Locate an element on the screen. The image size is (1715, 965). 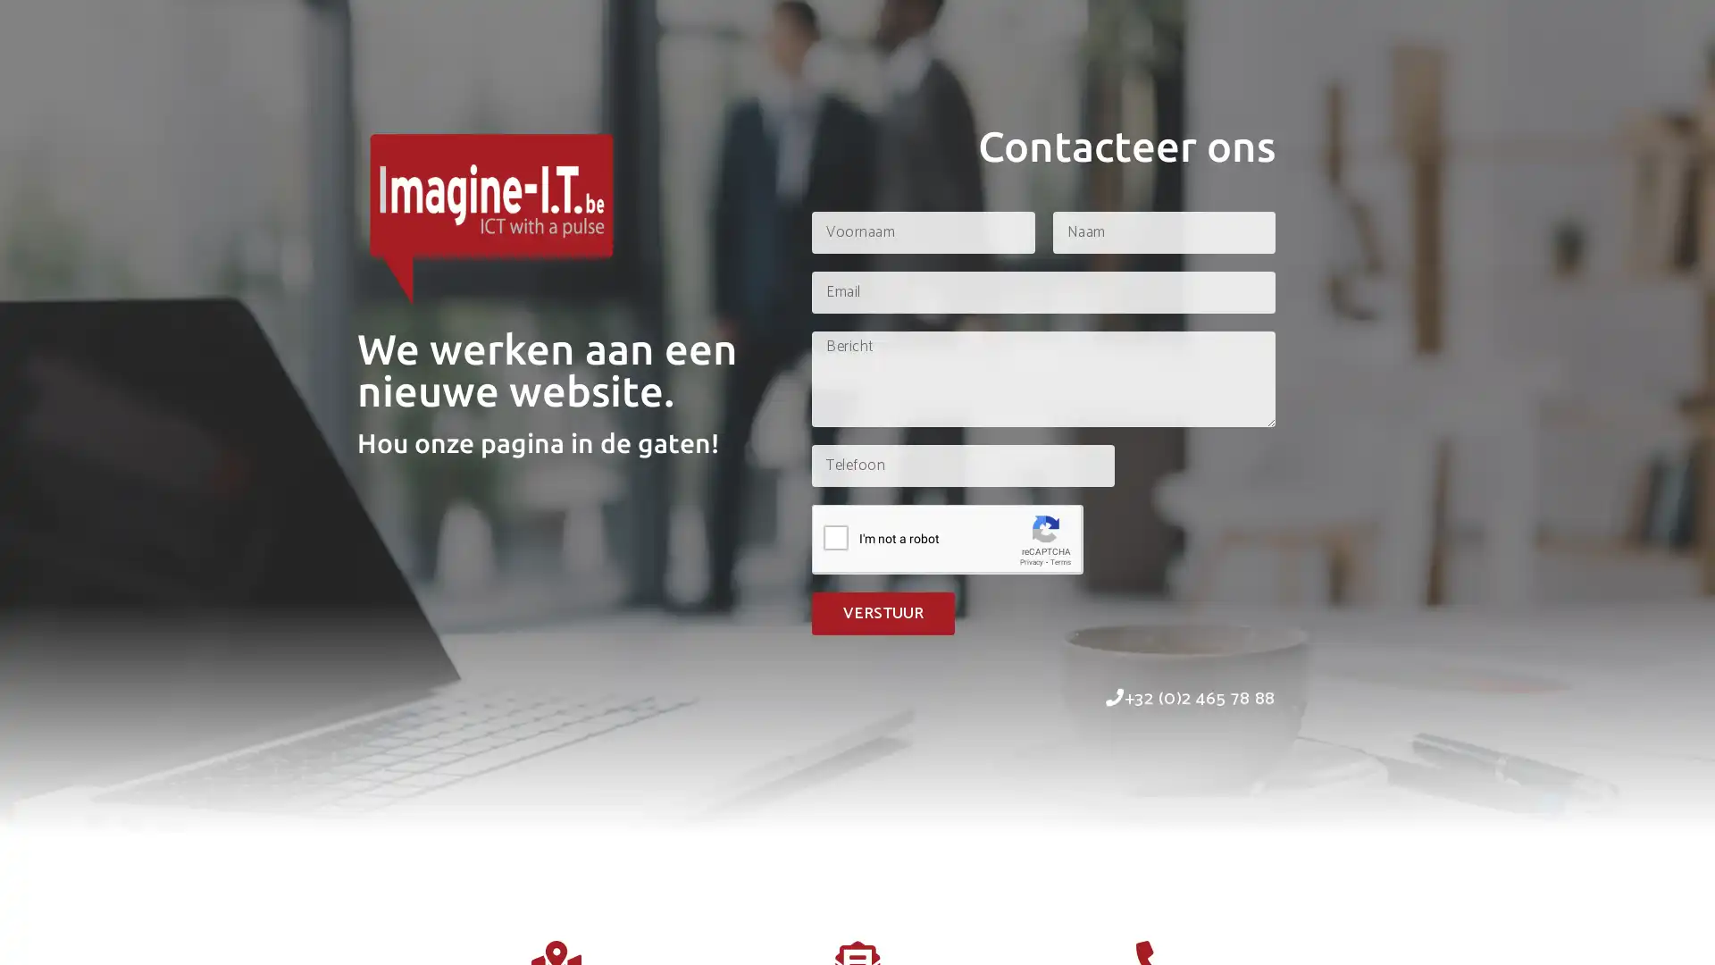
VERSTUUR is located at coordinates (883, 612).